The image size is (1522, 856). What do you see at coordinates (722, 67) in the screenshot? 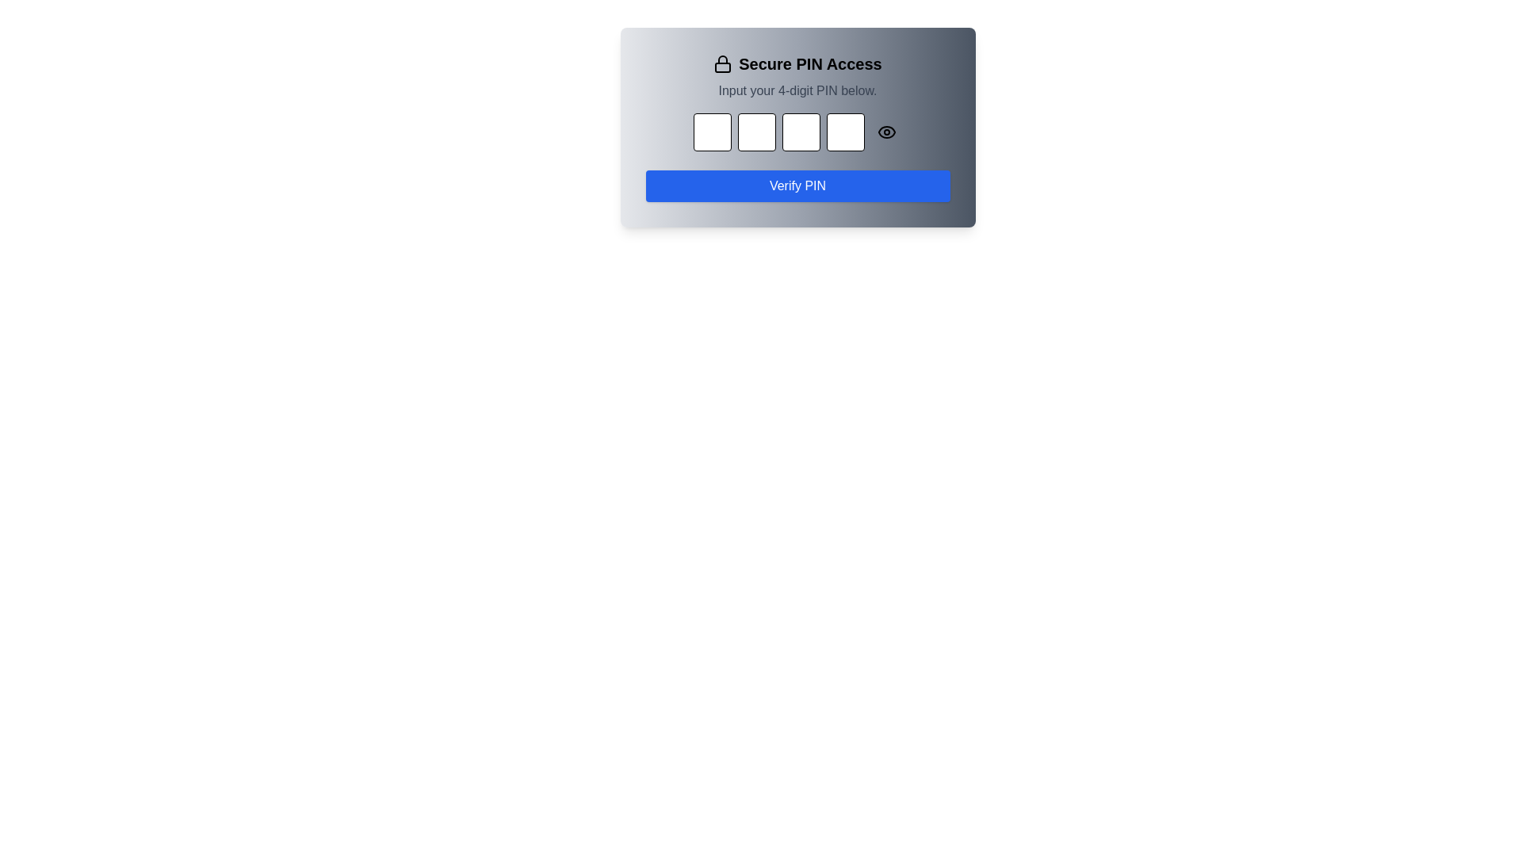
I see `the bottom part of the lock icon, which is represented by an SVG rectangle element, located at the top-left corner of the modal under the 'Secure PIN Access' header` at bounding box center [722, 67].